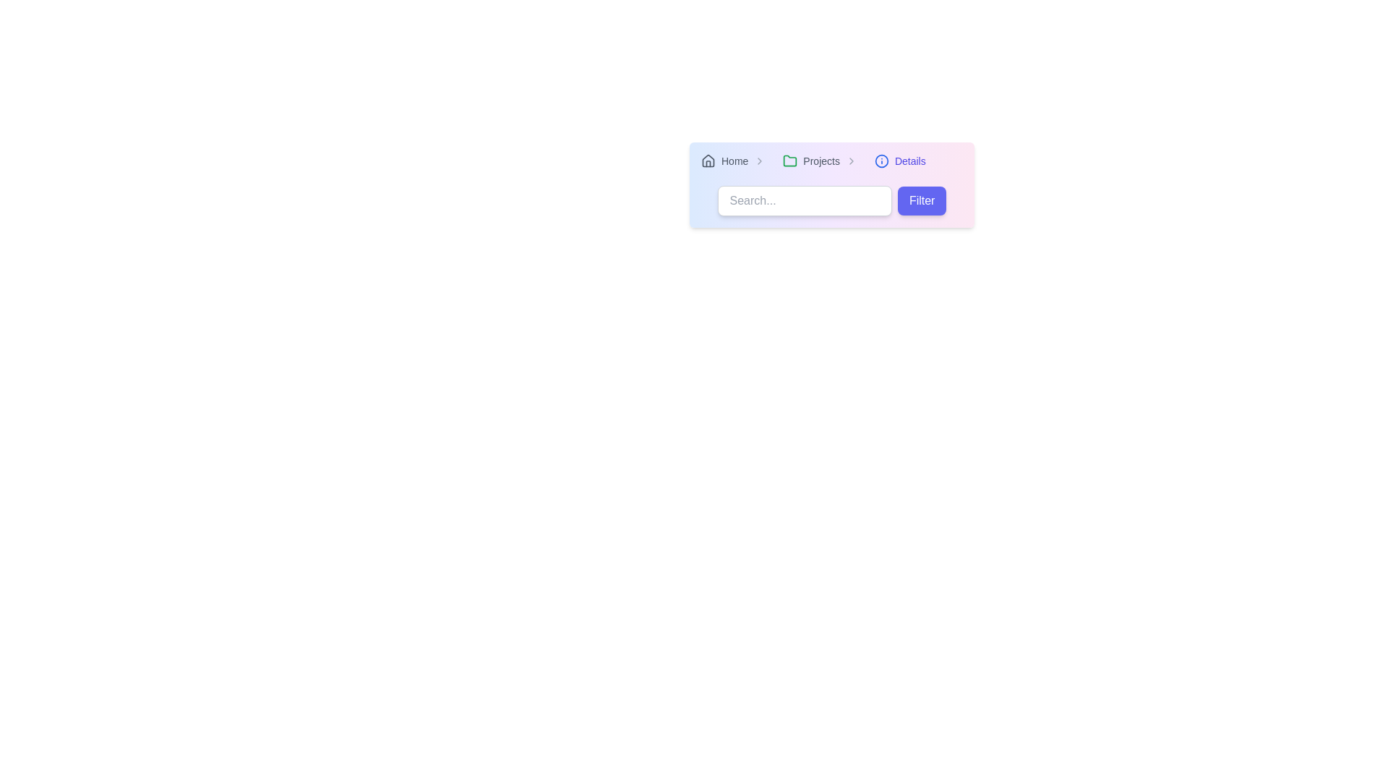  What do you see at coordinates (708, 161) in the screenshot?
I see `the 'Home' icon in the breadcrumb navigation, which is the leftmost icon preceding the text 'Home'` at bounding box center [708, 161].